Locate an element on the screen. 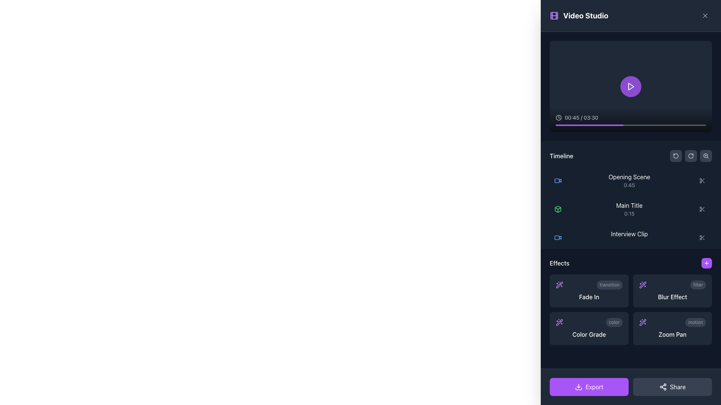  to select the 'Opening Scene' timeline entry, which is the first item in the timeline list located below the video preview area is located at coordinates (629, 181).